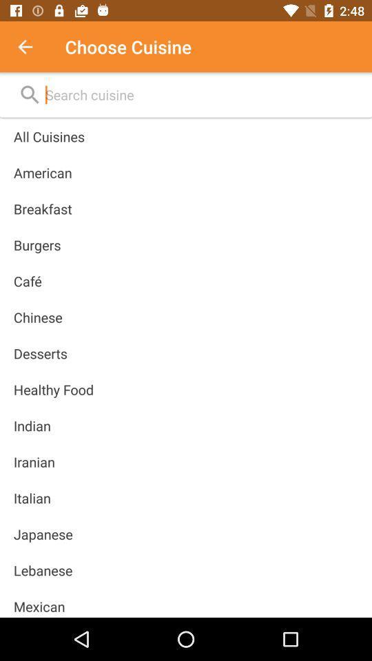 This screenshot has height=661, width=372. What do you see at coordinates (38, 317) in the screenshot?
I see `icon above desserts item` at bounding box center [38, 317].